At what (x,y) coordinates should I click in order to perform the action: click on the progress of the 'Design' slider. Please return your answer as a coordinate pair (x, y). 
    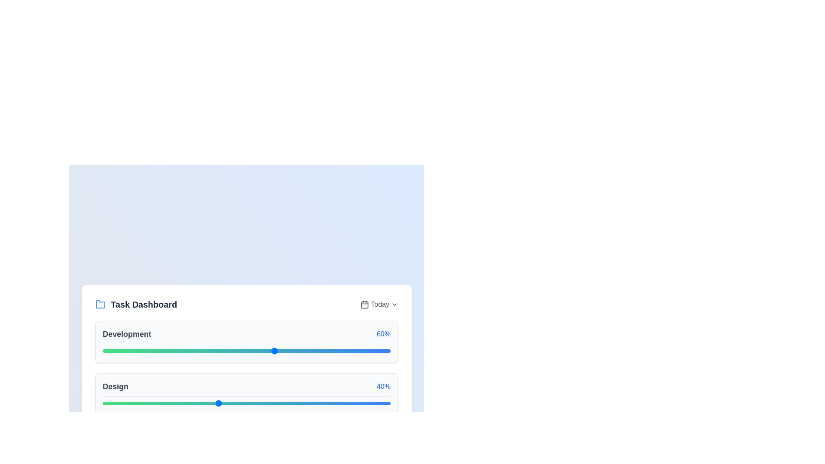
    Looking at the image, I should click on (223, 403).